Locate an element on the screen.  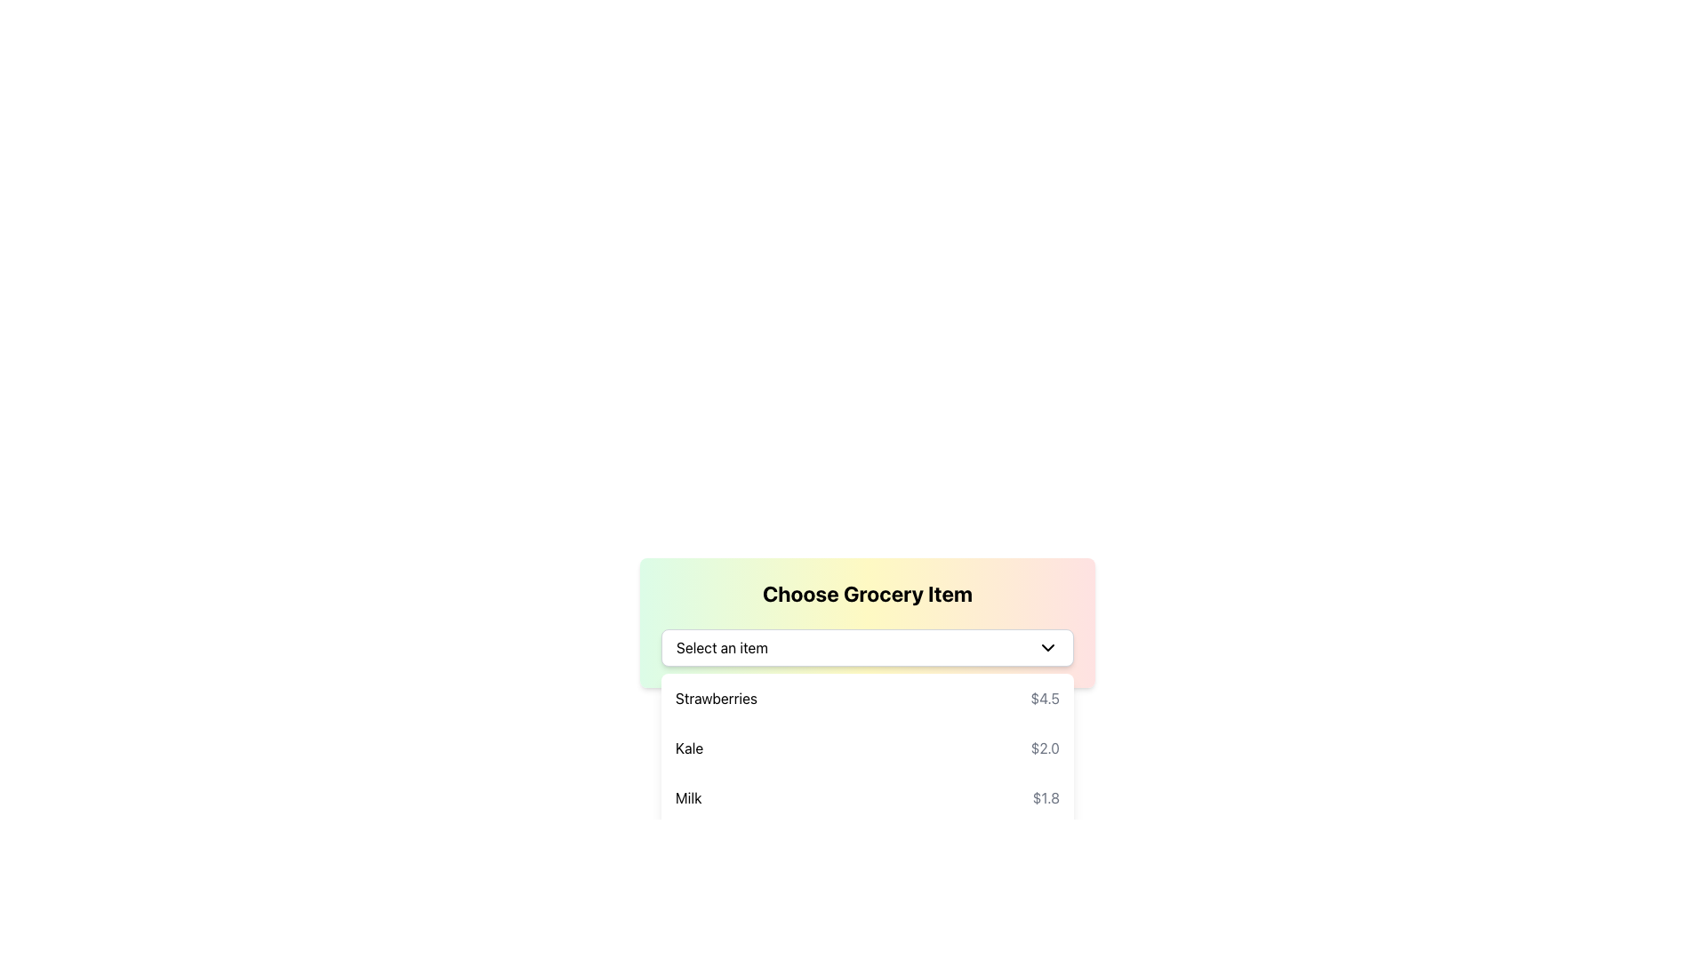
the text label displaying 'Milk' in black font, which is the first element of the entry labeled 'Milk $1.8' in the dropdown list is located at coordinates (687, 797).